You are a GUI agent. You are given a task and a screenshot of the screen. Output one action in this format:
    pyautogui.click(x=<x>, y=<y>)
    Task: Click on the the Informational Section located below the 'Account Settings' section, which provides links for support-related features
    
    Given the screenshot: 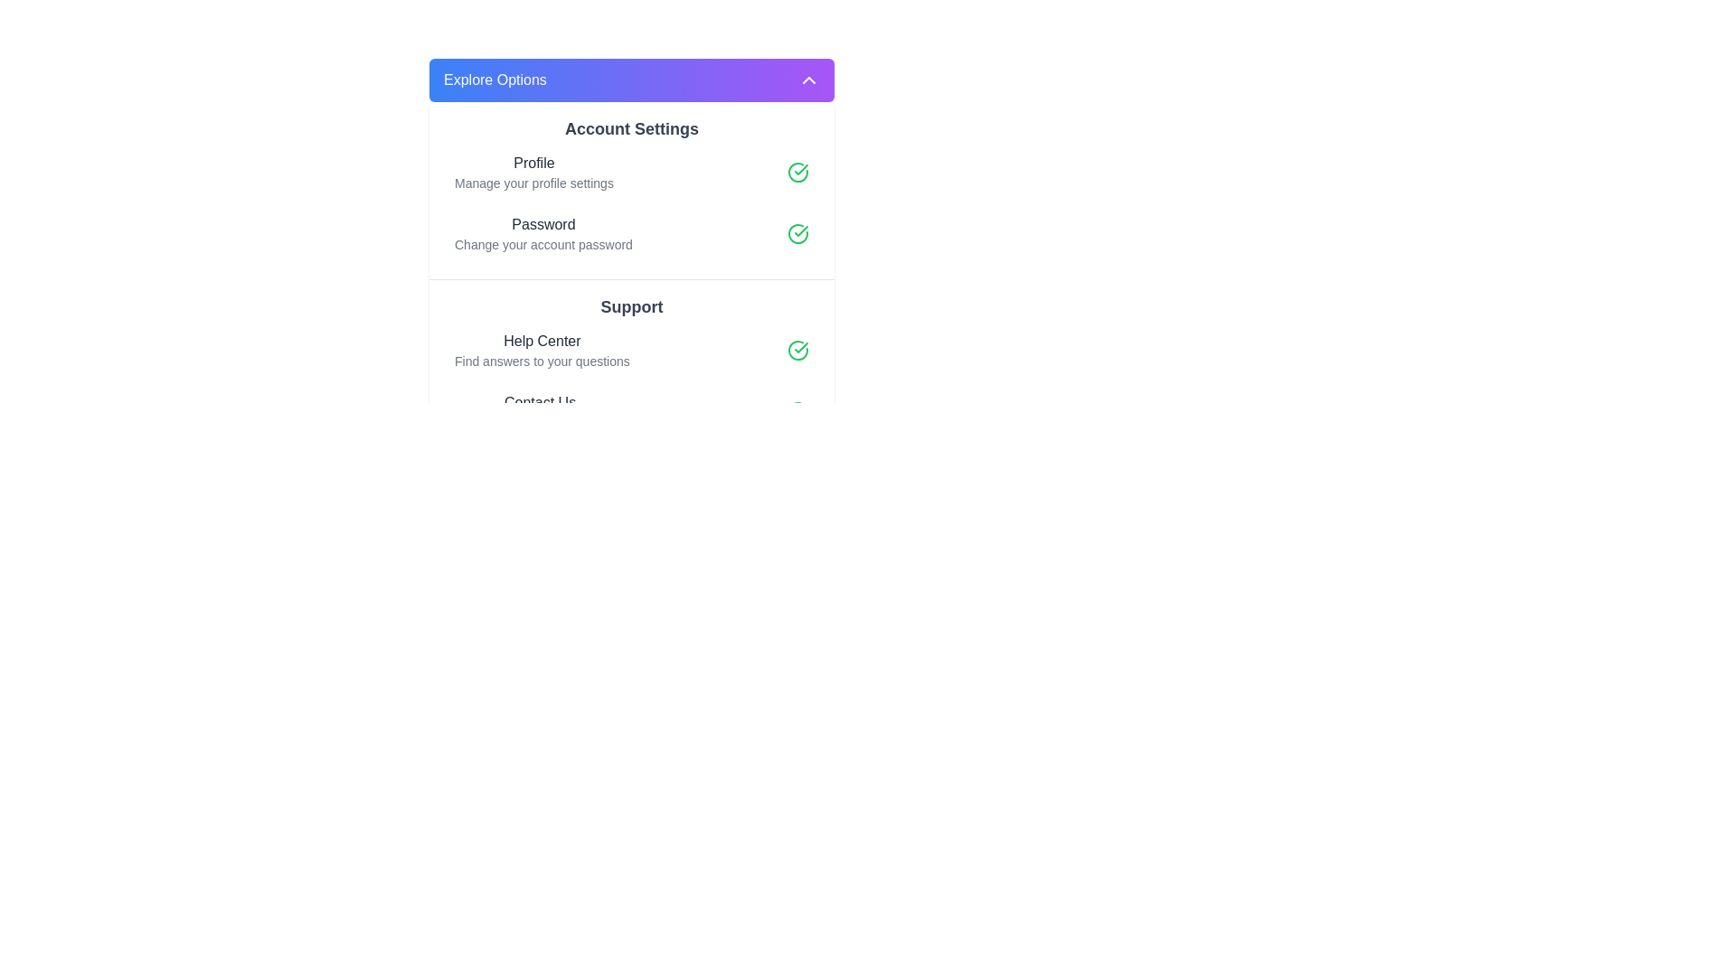 What is the action you would take?
    pyautogui.click(x=632, y=367)
    